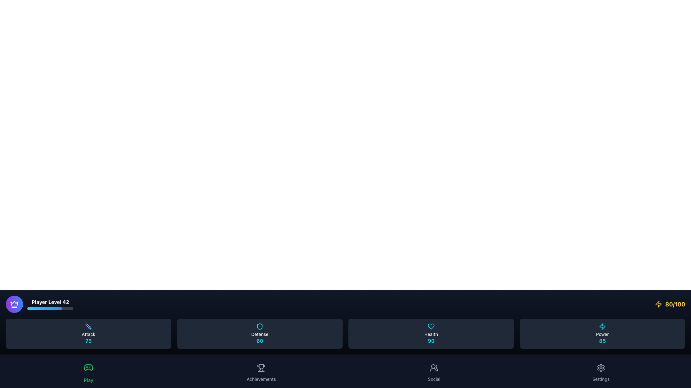 The image size is (691, 388). I want to click on the 'Social' icon in the navigation bar, which resembles a group of users with two overlapping figures, so click(434, 368).